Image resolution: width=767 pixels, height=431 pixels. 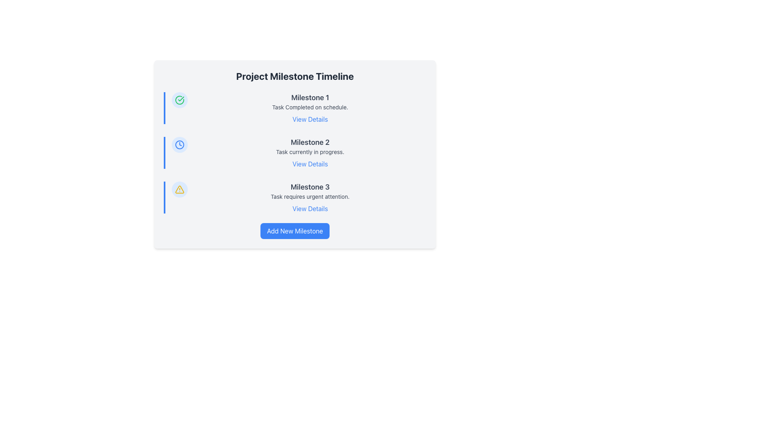 I want to click on the Static Text Label displaying 'Task requires urgent attention.' which is located beneath the heading 'Milestone 3' in the project milestone timeline interface, so click(x=310, y=197).